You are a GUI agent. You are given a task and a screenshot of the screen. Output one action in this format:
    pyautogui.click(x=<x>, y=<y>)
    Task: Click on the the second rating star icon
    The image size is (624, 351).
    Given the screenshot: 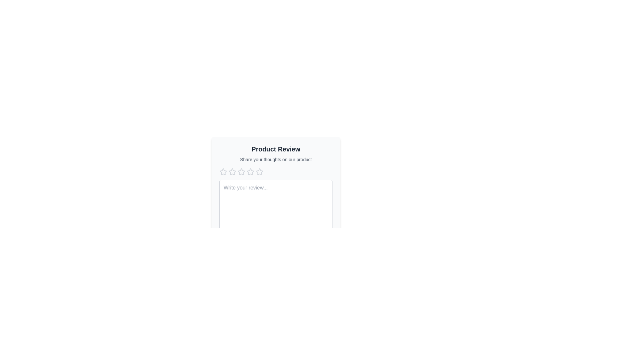 What is the action you would take?
    pyautogui.click(x=250, y=171)
    